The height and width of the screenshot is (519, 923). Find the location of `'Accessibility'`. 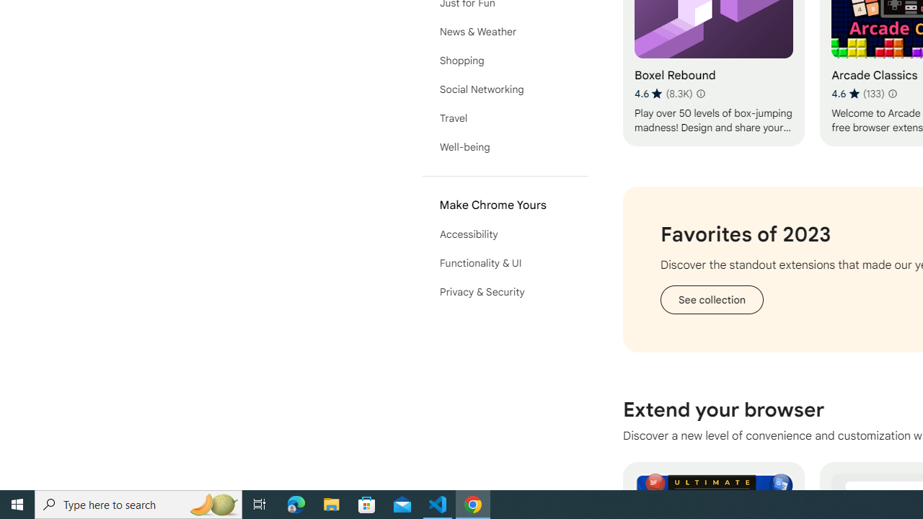

'Accessibility' is located at coordinates (505, 234).